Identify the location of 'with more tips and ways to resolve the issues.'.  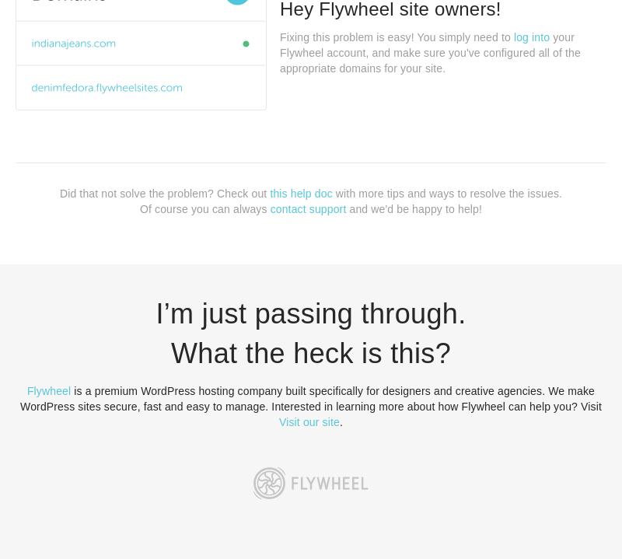
(446, 192).